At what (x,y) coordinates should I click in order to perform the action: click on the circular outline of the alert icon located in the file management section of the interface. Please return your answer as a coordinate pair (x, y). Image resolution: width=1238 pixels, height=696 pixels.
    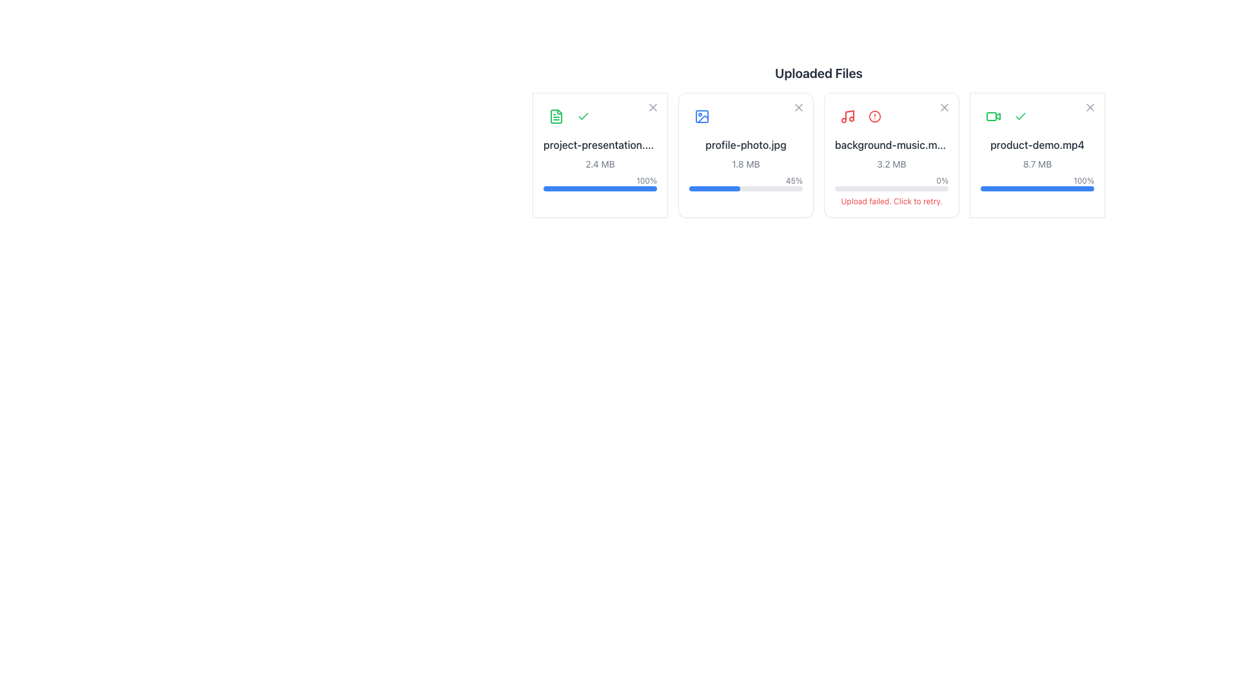
    Looking at the image, I should click on (875, 117).